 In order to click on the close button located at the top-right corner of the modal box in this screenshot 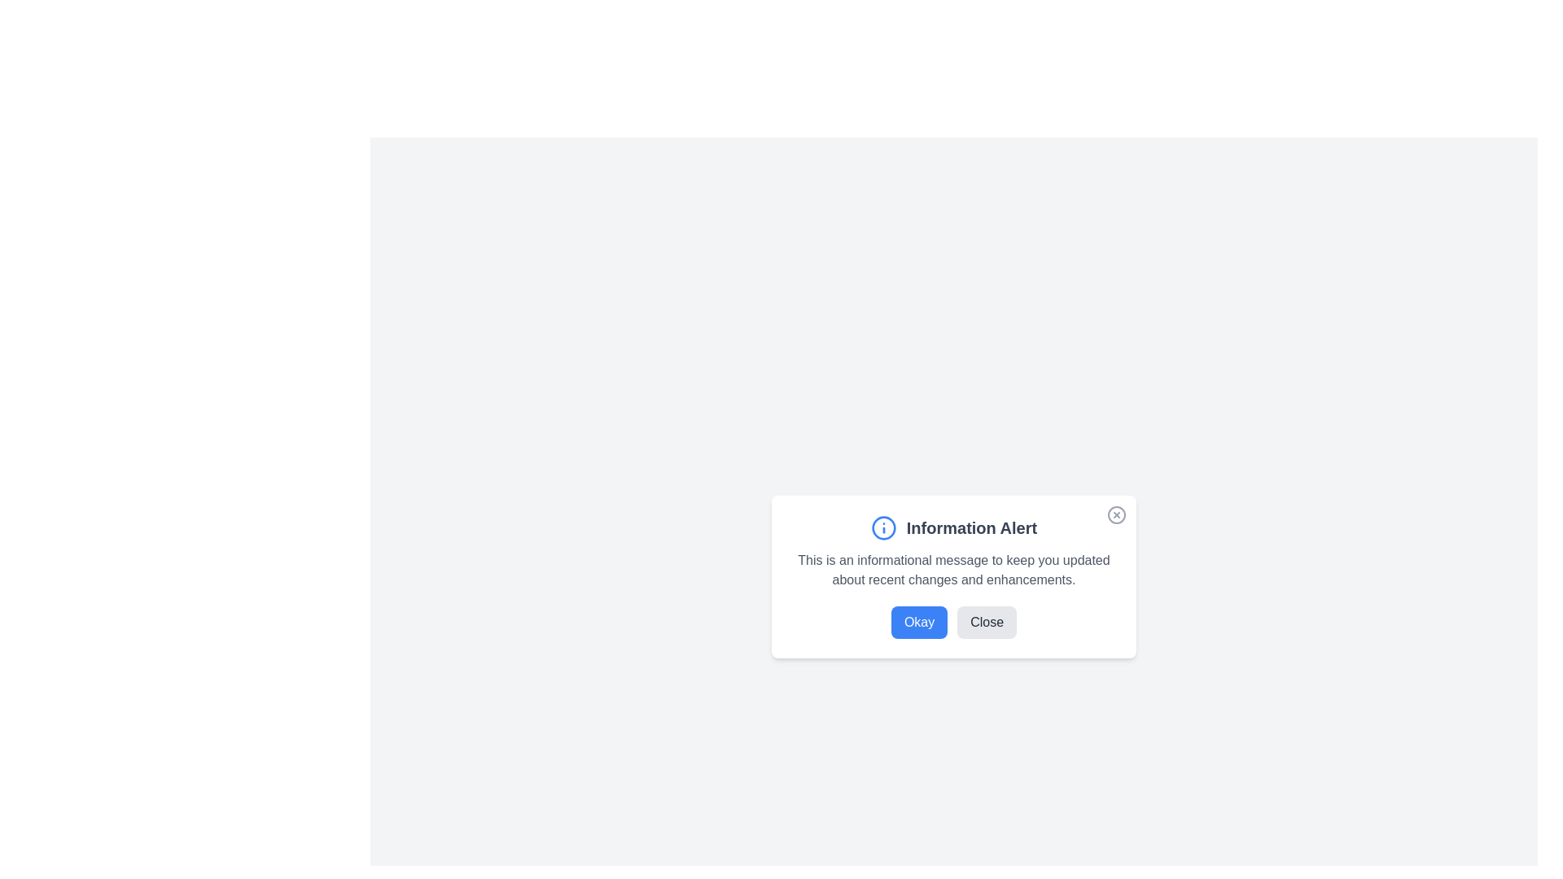, I will do `click(1116, 518)`.